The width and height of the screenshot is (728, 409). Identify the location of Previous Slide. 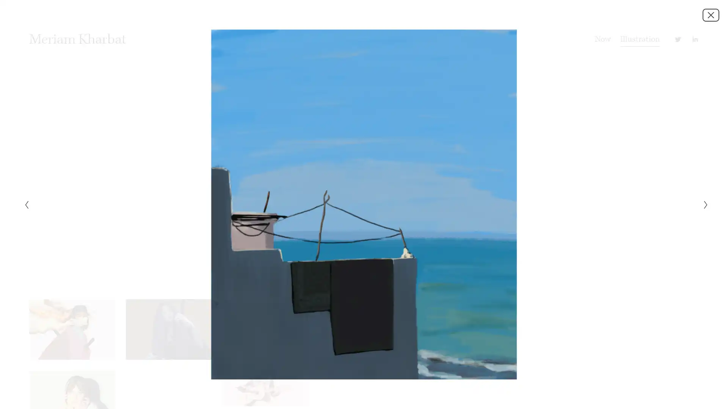
(24, 204).